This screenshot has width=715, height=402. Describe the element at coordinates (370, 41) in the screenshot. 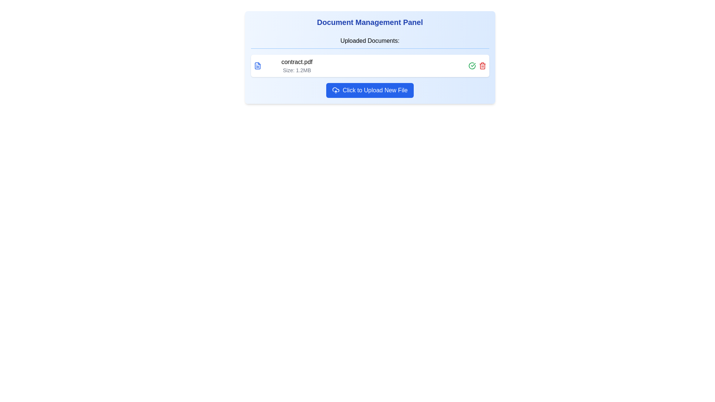

I see `the text label 'Uploaded Documents:' which is styled with a blue bottom border and serves as a section title in the Document Management Panel` at that location.